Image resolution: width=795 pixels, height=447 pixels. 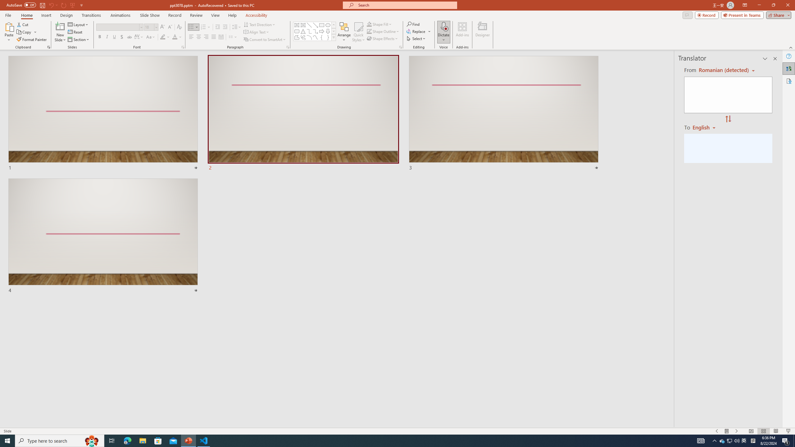 What do you see at coordinates (737, 431) in the screenshot?
I see `'Slide Show Next On'` at bounding box center [737, 431].